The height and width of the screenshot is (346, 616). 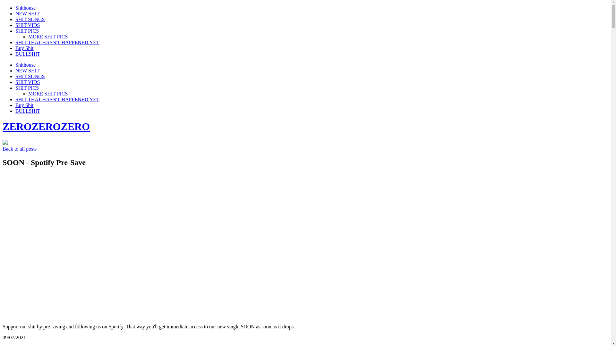 I want to click on 'Buy Shit', so click(x=15, y=48).